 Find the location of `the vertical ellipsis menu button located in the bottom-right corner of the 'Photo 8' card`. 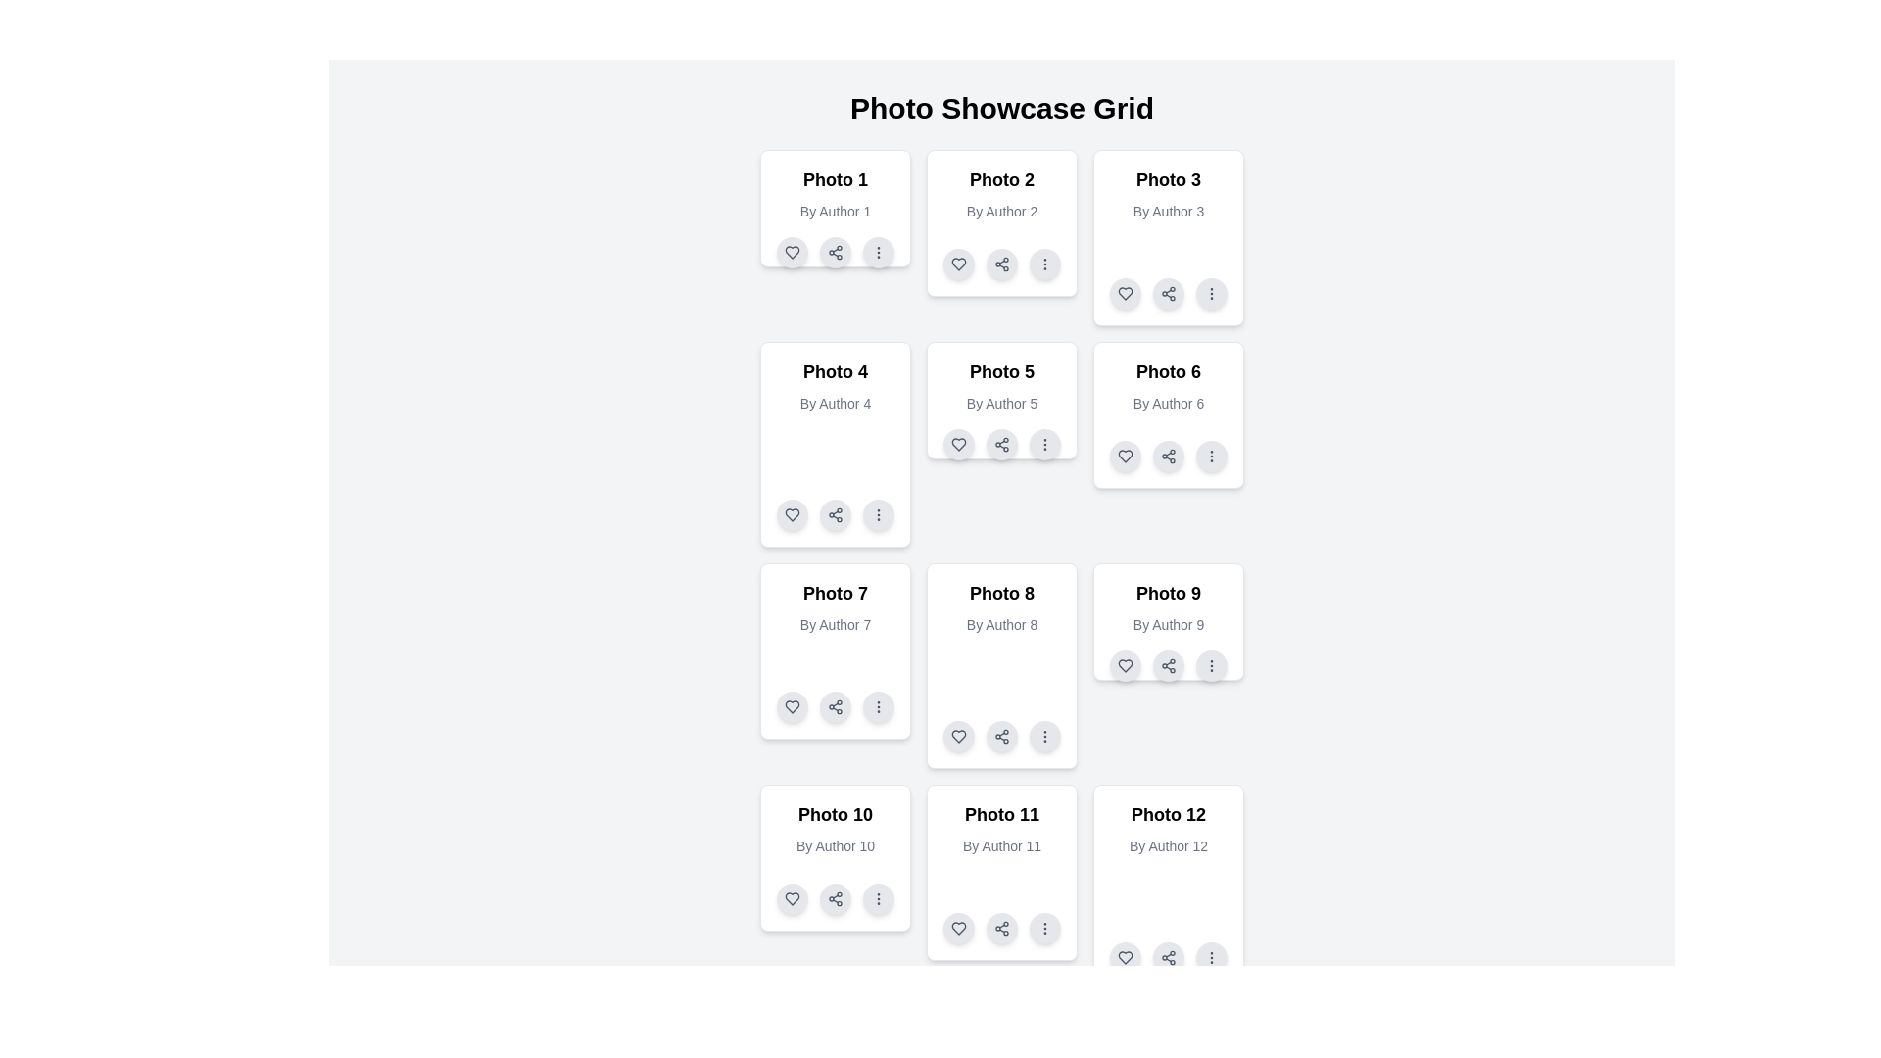

the vertical ellipsis menu button located in the bottom-right corner of the 'Photo 8' card is located at coordinates (1043, 737).